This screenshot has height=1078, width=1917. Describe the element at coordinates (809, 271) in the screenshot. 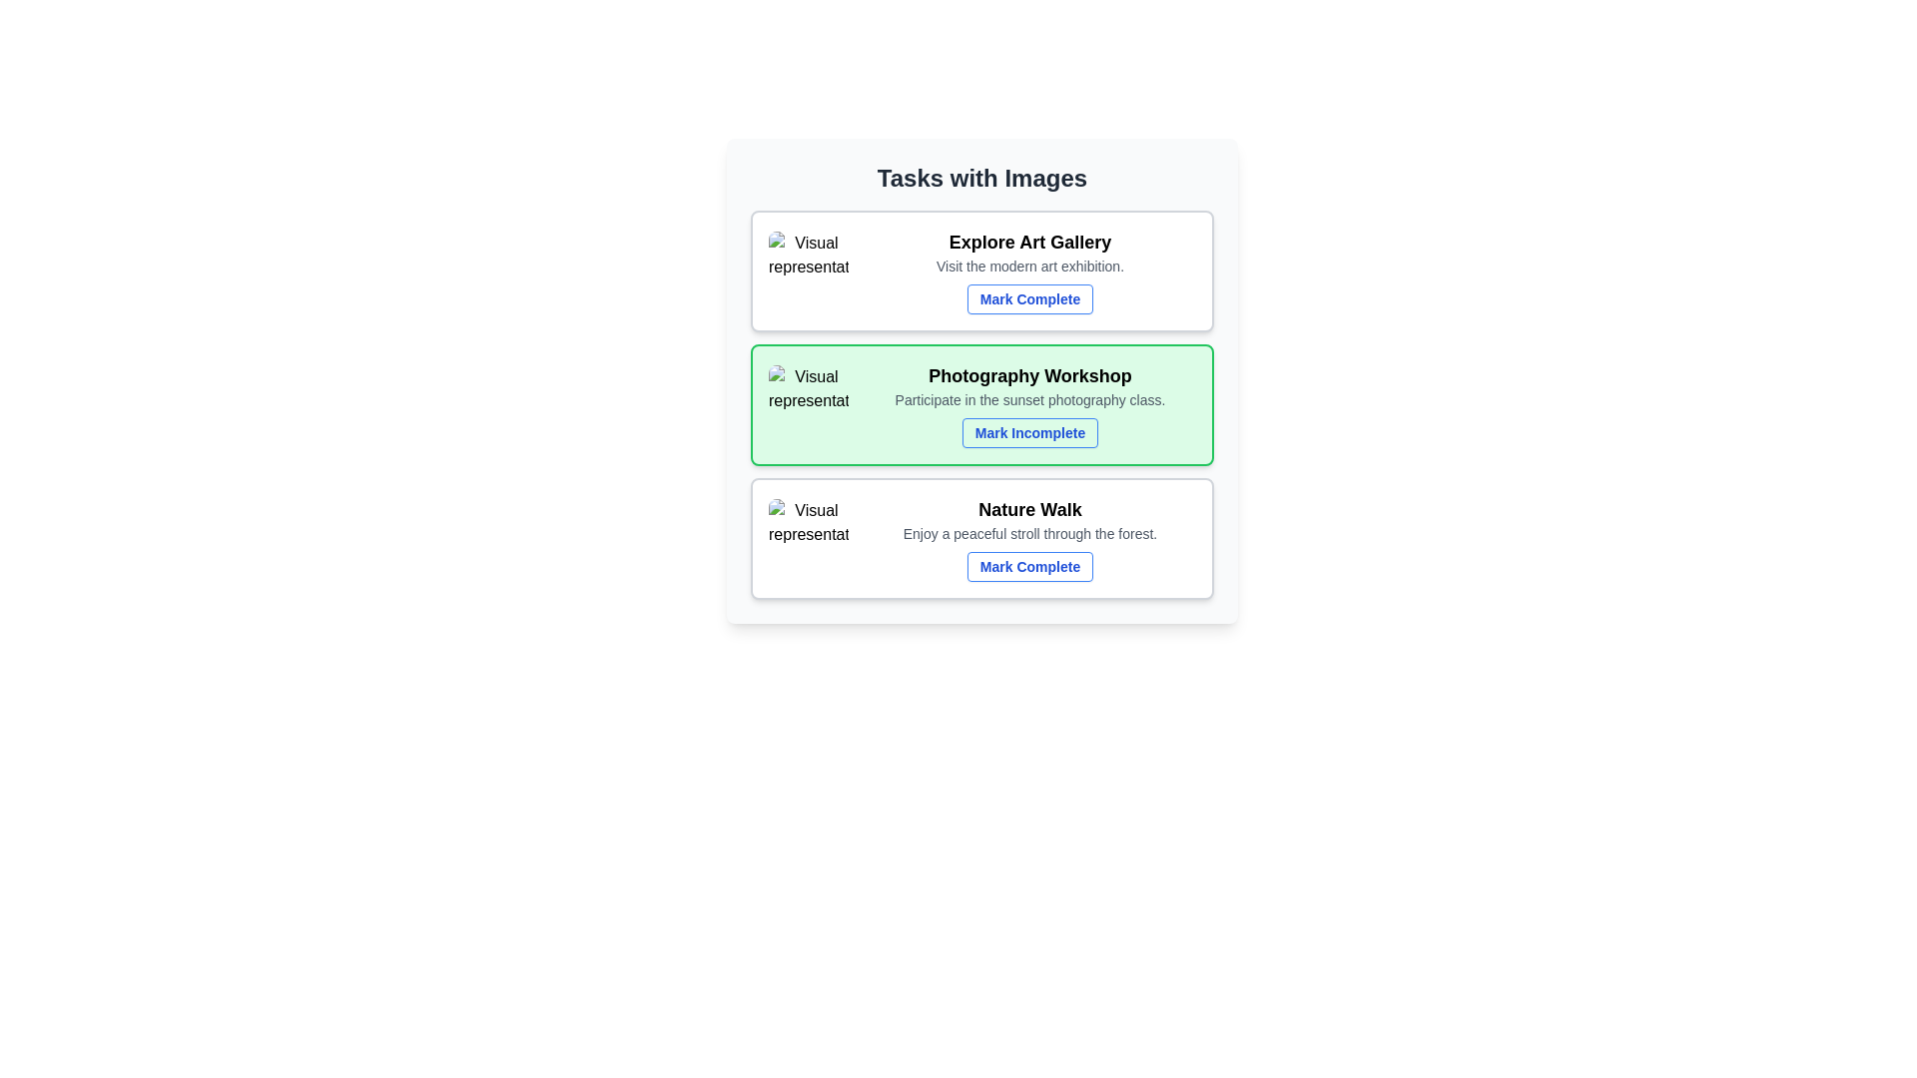

I see `the thumbnail image of the task to view its details. The parameter Explore Art Gallery specifies the task whose image should be clicked` at that location.